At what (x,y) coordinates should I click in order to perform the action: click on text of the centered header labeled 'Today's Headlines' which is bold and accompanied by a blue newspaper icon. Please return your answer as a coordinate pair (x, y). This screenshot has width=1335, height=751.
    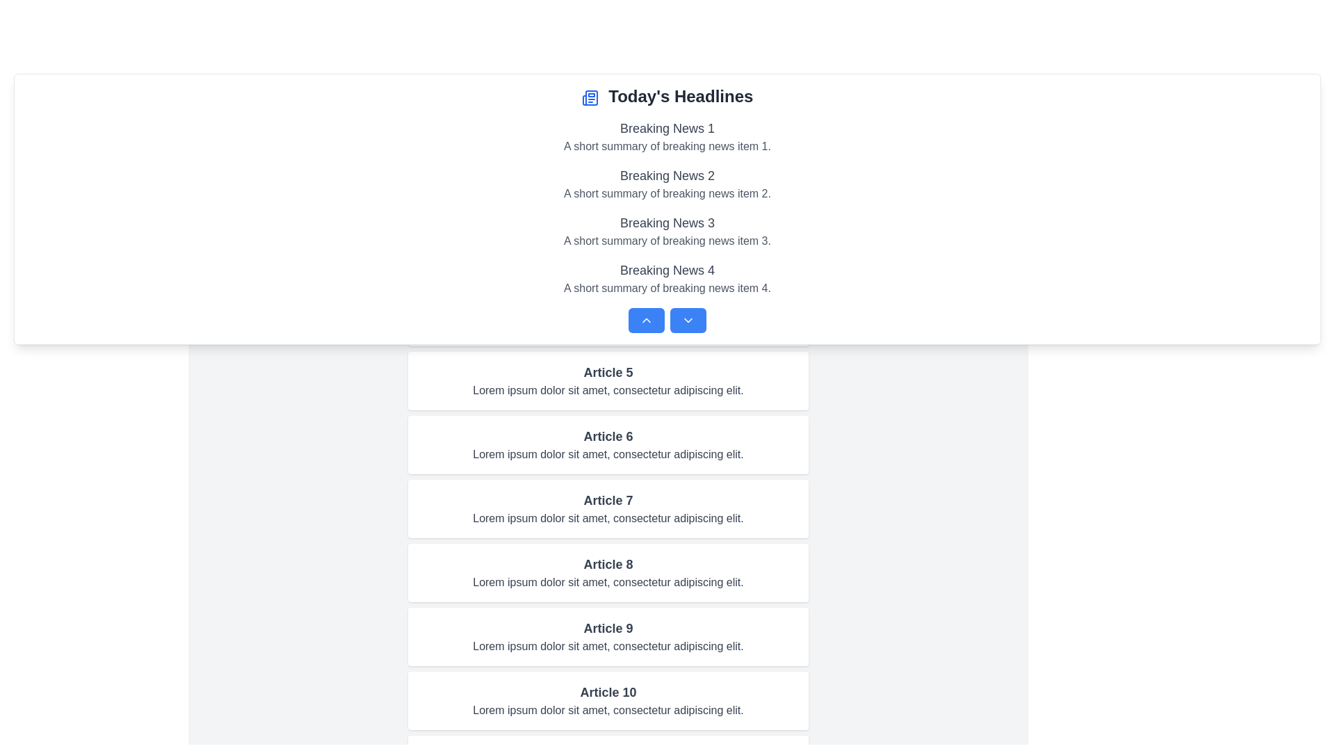
    Looking at the image, I should click on (667, 95).